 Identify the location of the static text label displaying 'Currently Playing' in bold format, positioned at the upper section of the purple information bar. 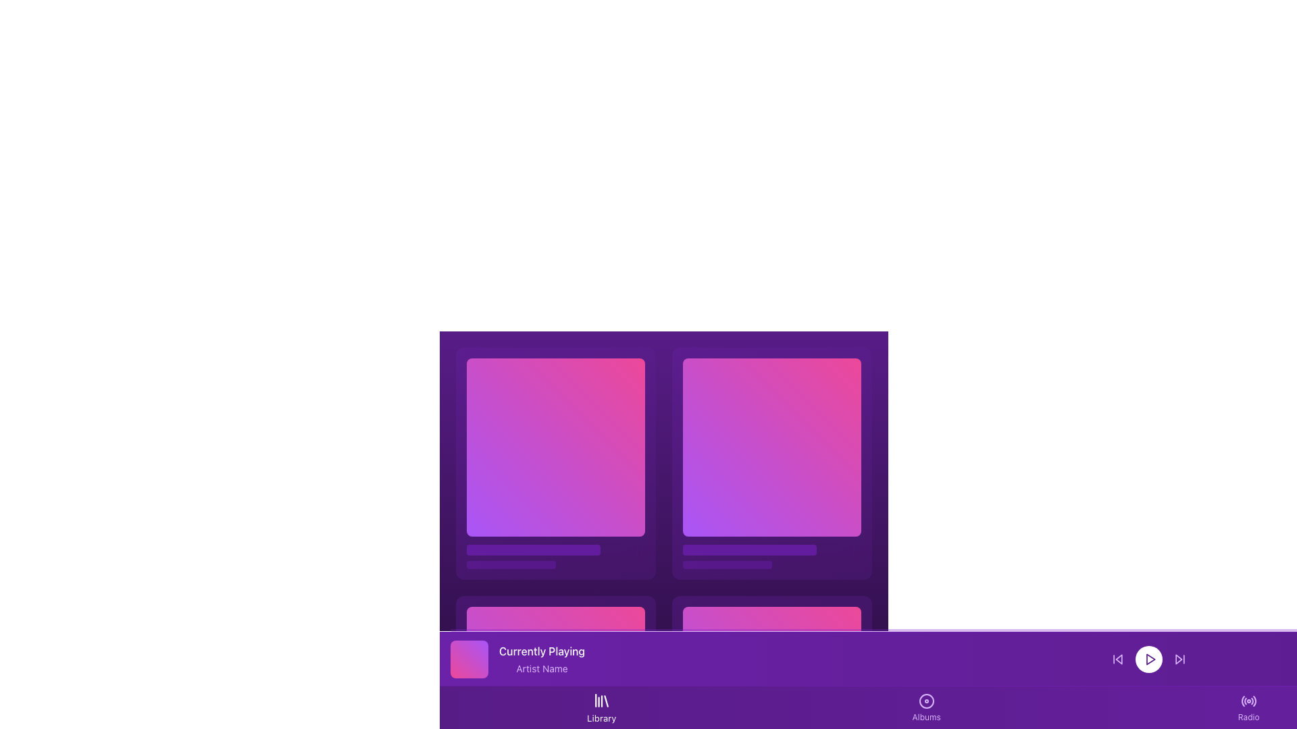
(542, 650).